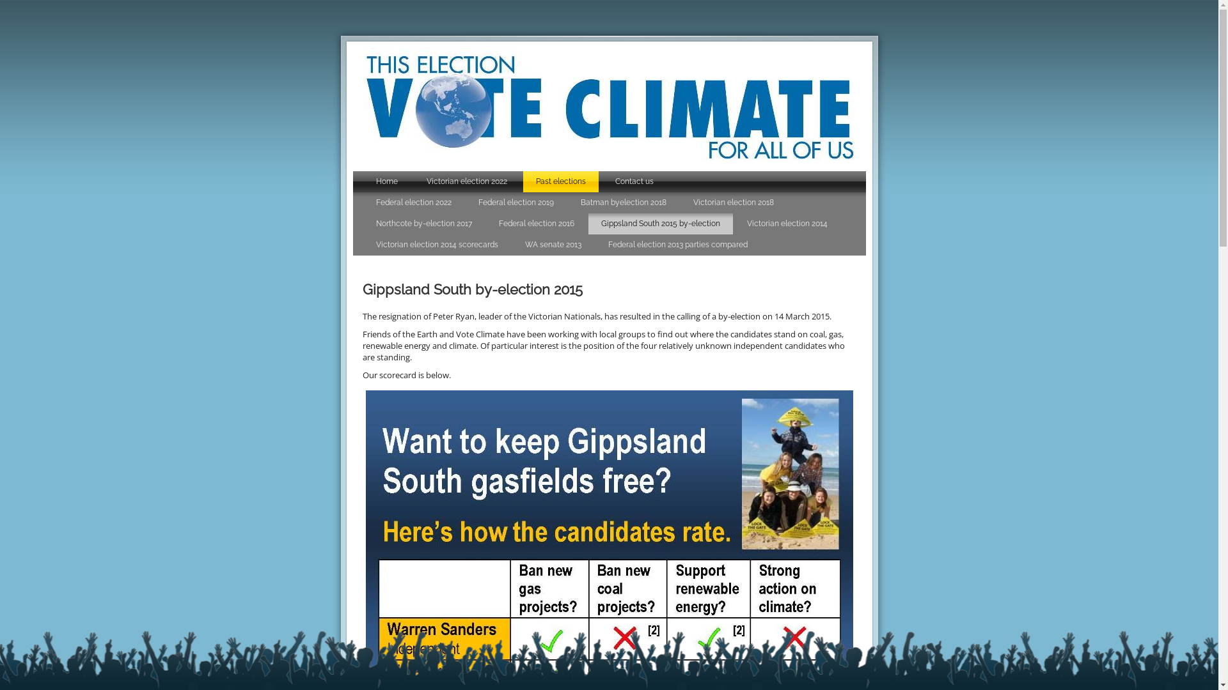 The height and width of the screenshot is (690, 1228). Describe the element at coordinates (466, 181) in the screenshot. I see `'Victorian election 2022'` at that location.